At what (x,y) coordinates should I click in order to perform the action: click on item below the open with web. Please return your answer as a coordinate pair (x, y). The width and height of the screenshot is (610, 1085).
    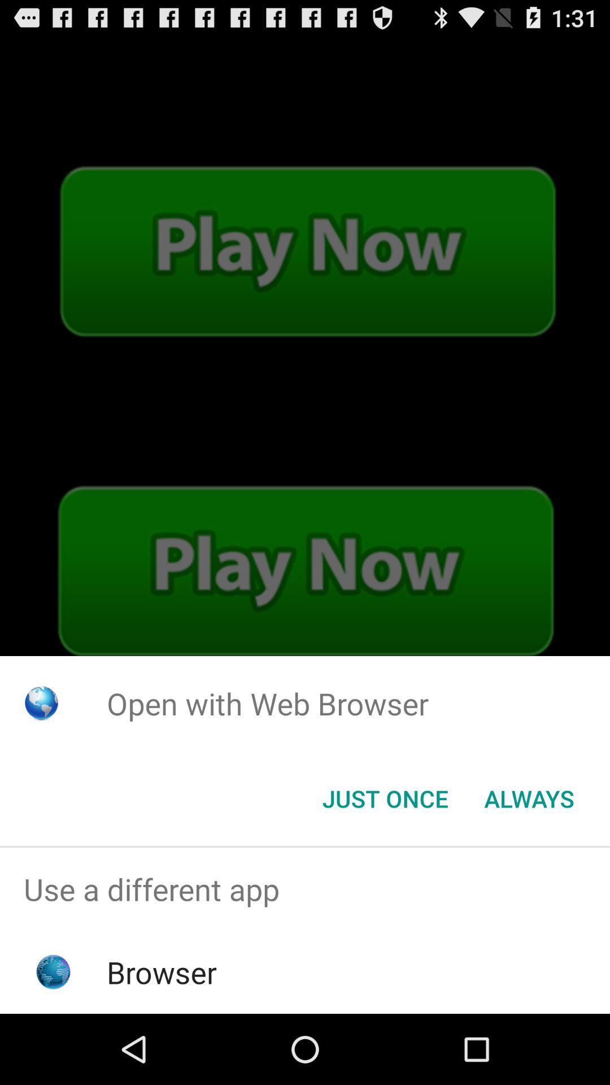
    Looking at the image, I should click on (529, 797).